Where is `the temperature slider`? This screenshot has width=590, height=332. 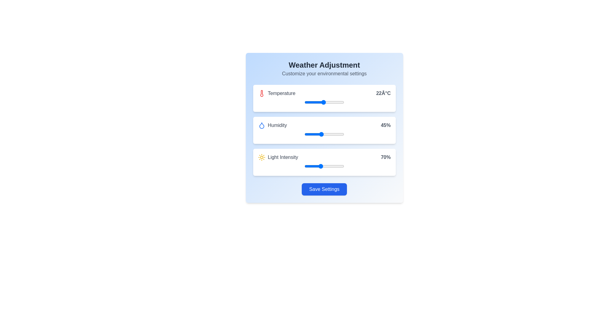 the temperature slider is located at coordinates (308, 102).